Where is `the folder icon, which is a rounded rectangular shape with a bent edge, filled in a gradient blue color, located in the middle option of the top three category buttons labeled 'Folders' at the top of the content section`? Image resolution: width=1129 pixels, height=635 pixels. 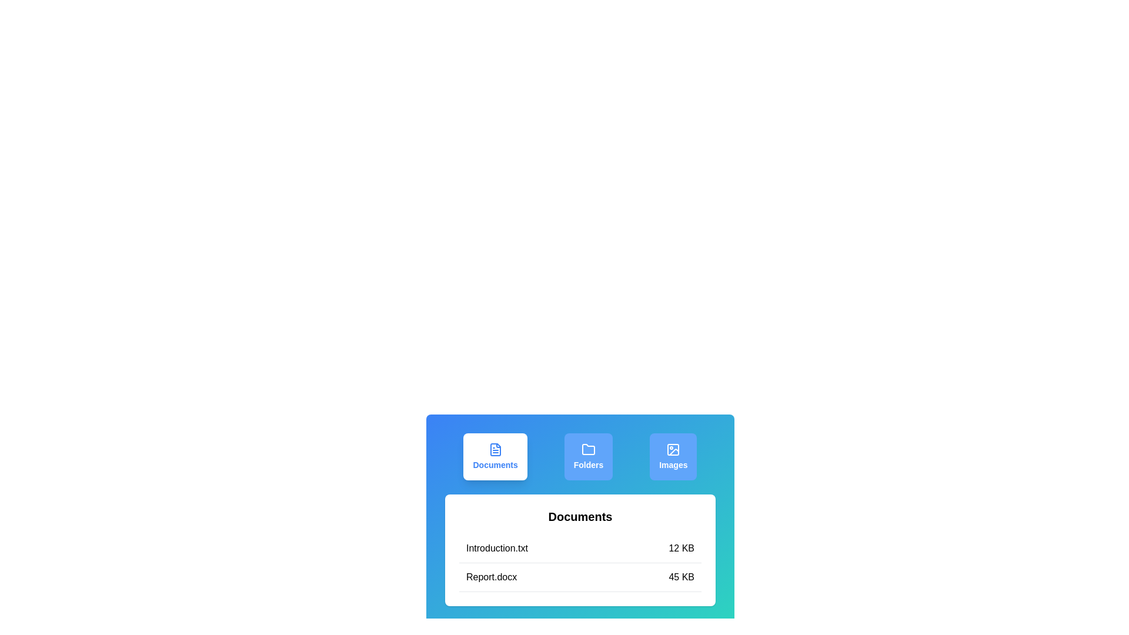
the folder icon, which is a rounded rectangular shape with a bent edge, filled in a gradient blue color, located in the middle option of the top three category buttons labeled 'Folders' at the top of the content section is located at coordinates (588, 449).